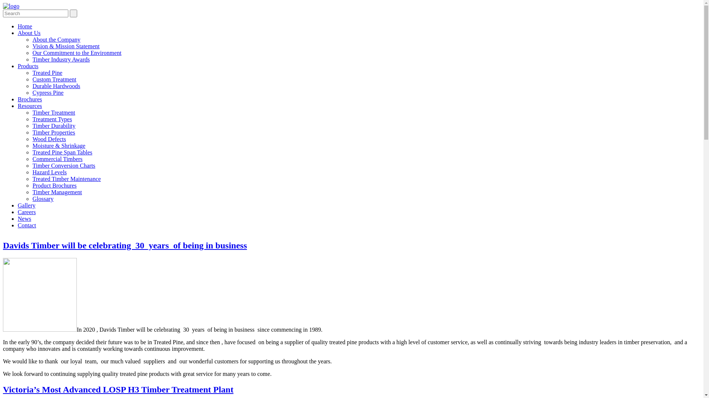 This screenshot has width=709, height=398. I want to click on 'Treatment Types', so click(52, 119).